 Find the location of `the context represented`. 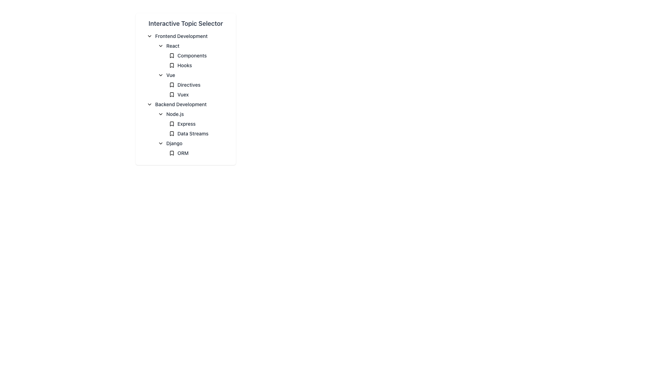

the context represented is located at coordinates (172, 55).